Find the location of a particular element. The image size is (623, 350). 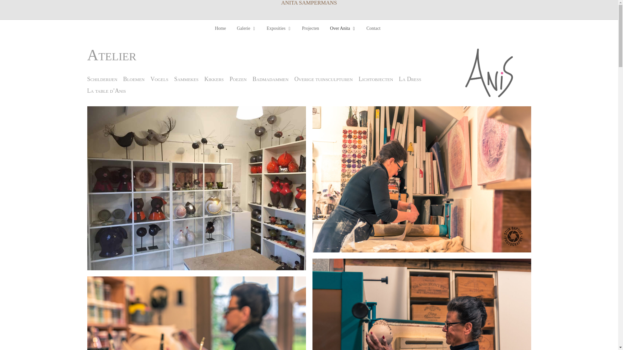

'La Dress' is located at coordinates (409, 78).